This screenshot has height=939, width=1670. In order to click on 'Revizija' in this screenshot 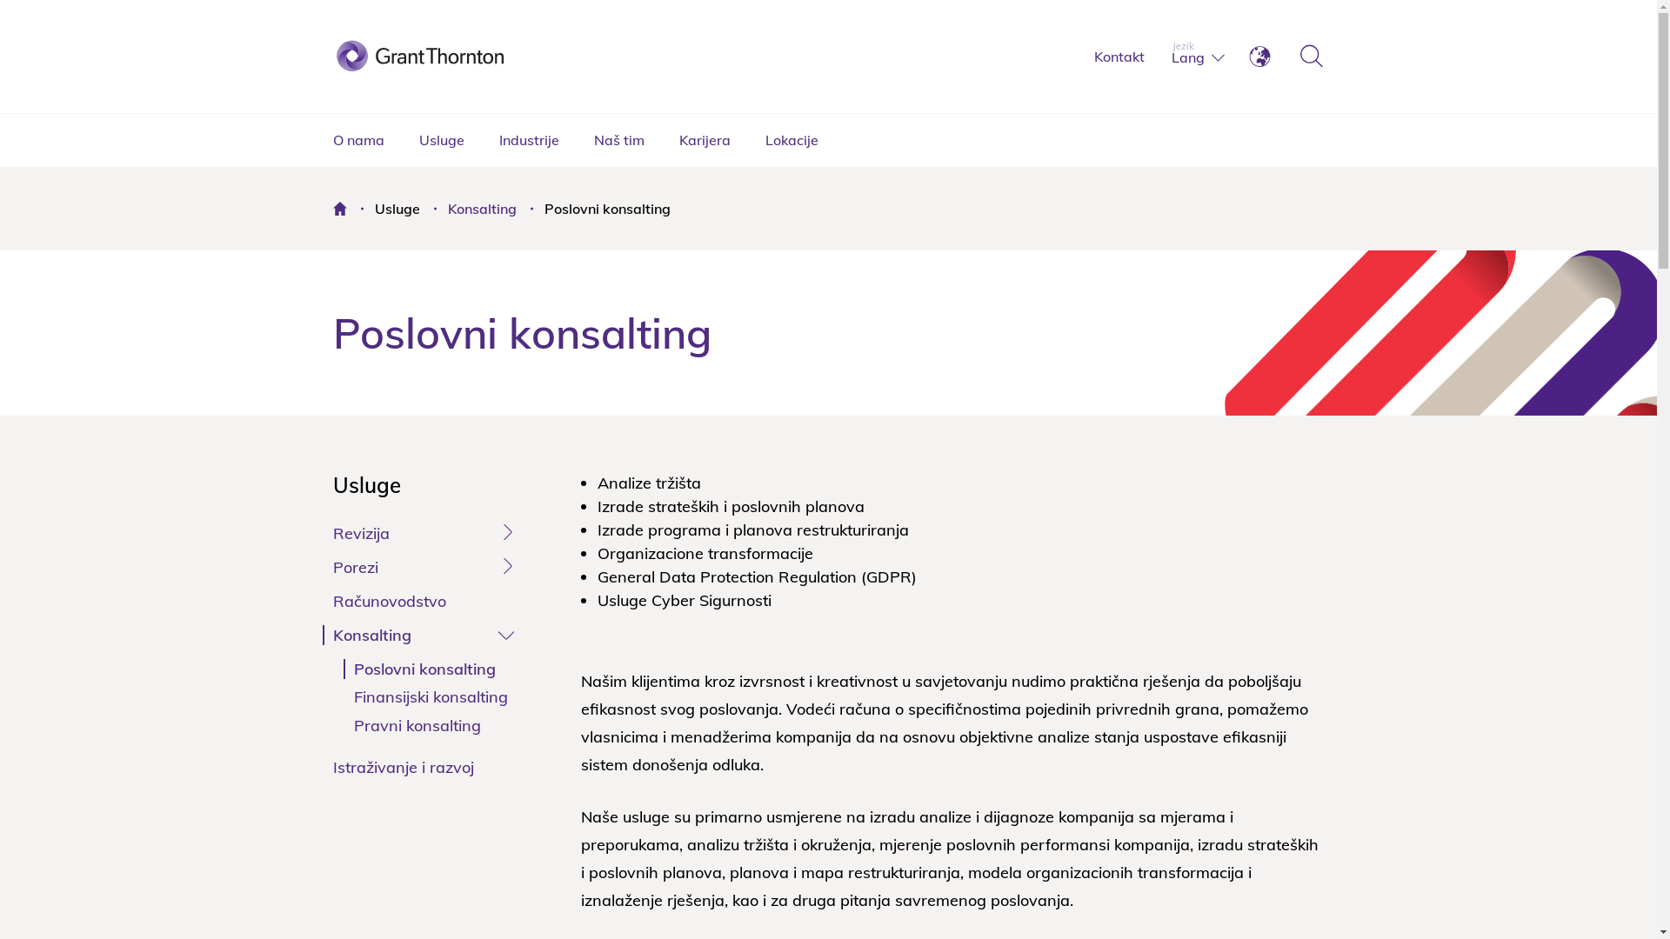, I will do `click(359, 532)`.